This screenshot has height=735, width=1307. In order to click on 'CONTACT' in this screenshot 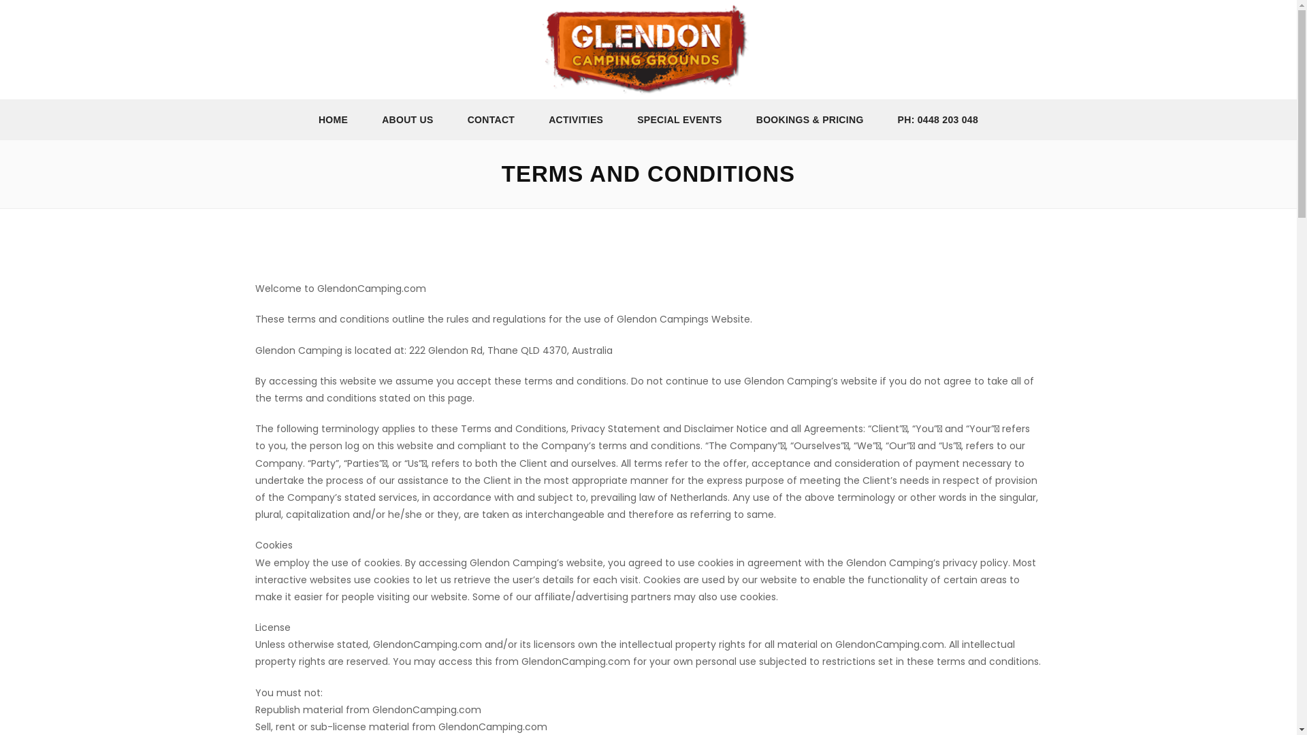, I will do `click(490, 118)`.